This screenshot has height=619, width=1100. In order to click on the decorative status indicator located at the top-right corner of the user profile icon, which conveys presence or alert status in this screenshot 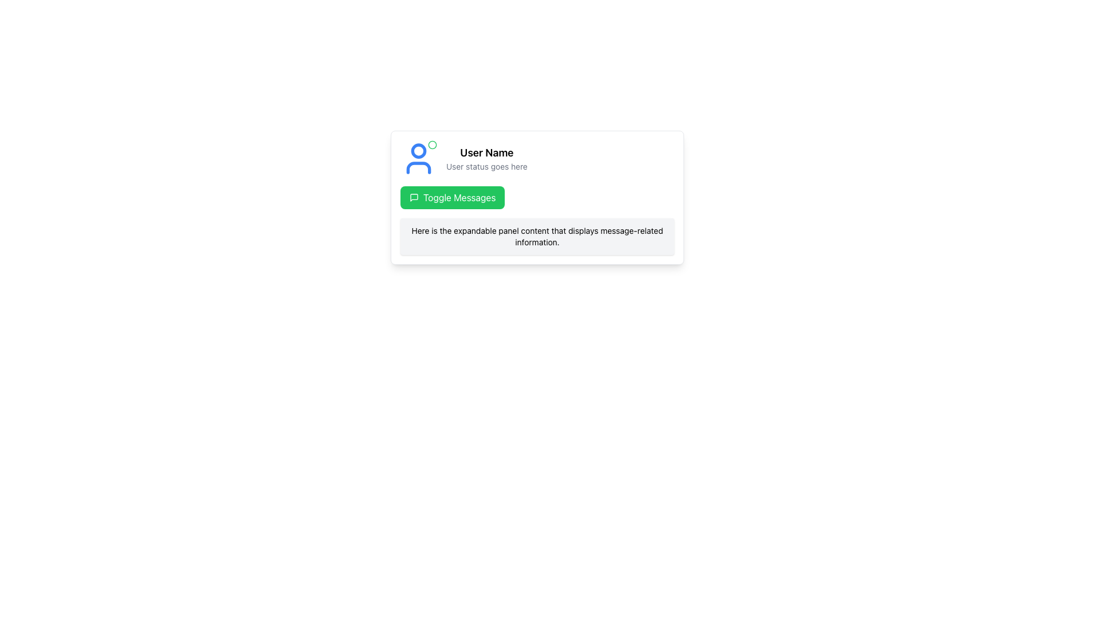, I will do `click(431, 144)`.